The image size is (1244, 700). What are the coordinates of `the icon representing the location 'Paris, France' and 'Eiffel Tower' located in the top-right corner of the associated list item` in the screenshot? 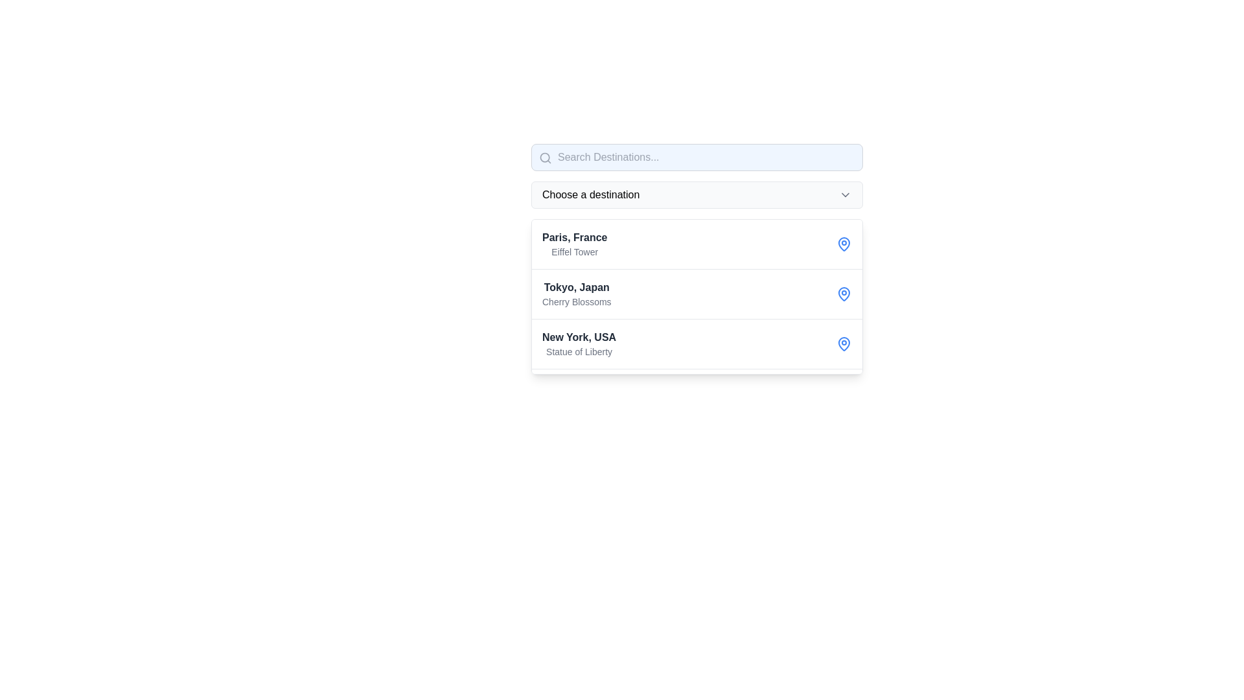 It's located at (844, 244).